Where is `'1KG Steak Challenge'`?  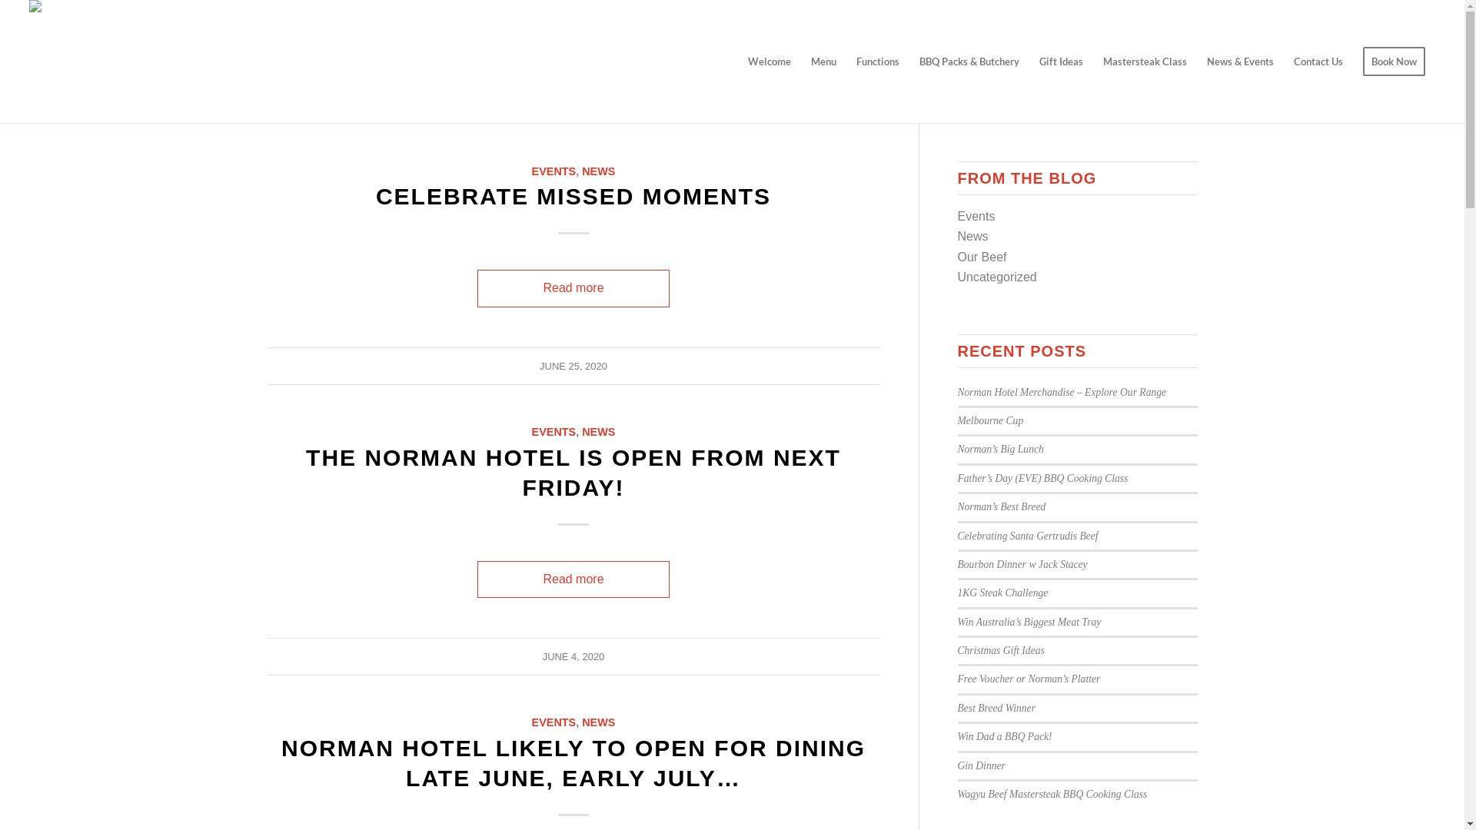 '1KG Steak Challenge' is located at coordinates (1003, 592).